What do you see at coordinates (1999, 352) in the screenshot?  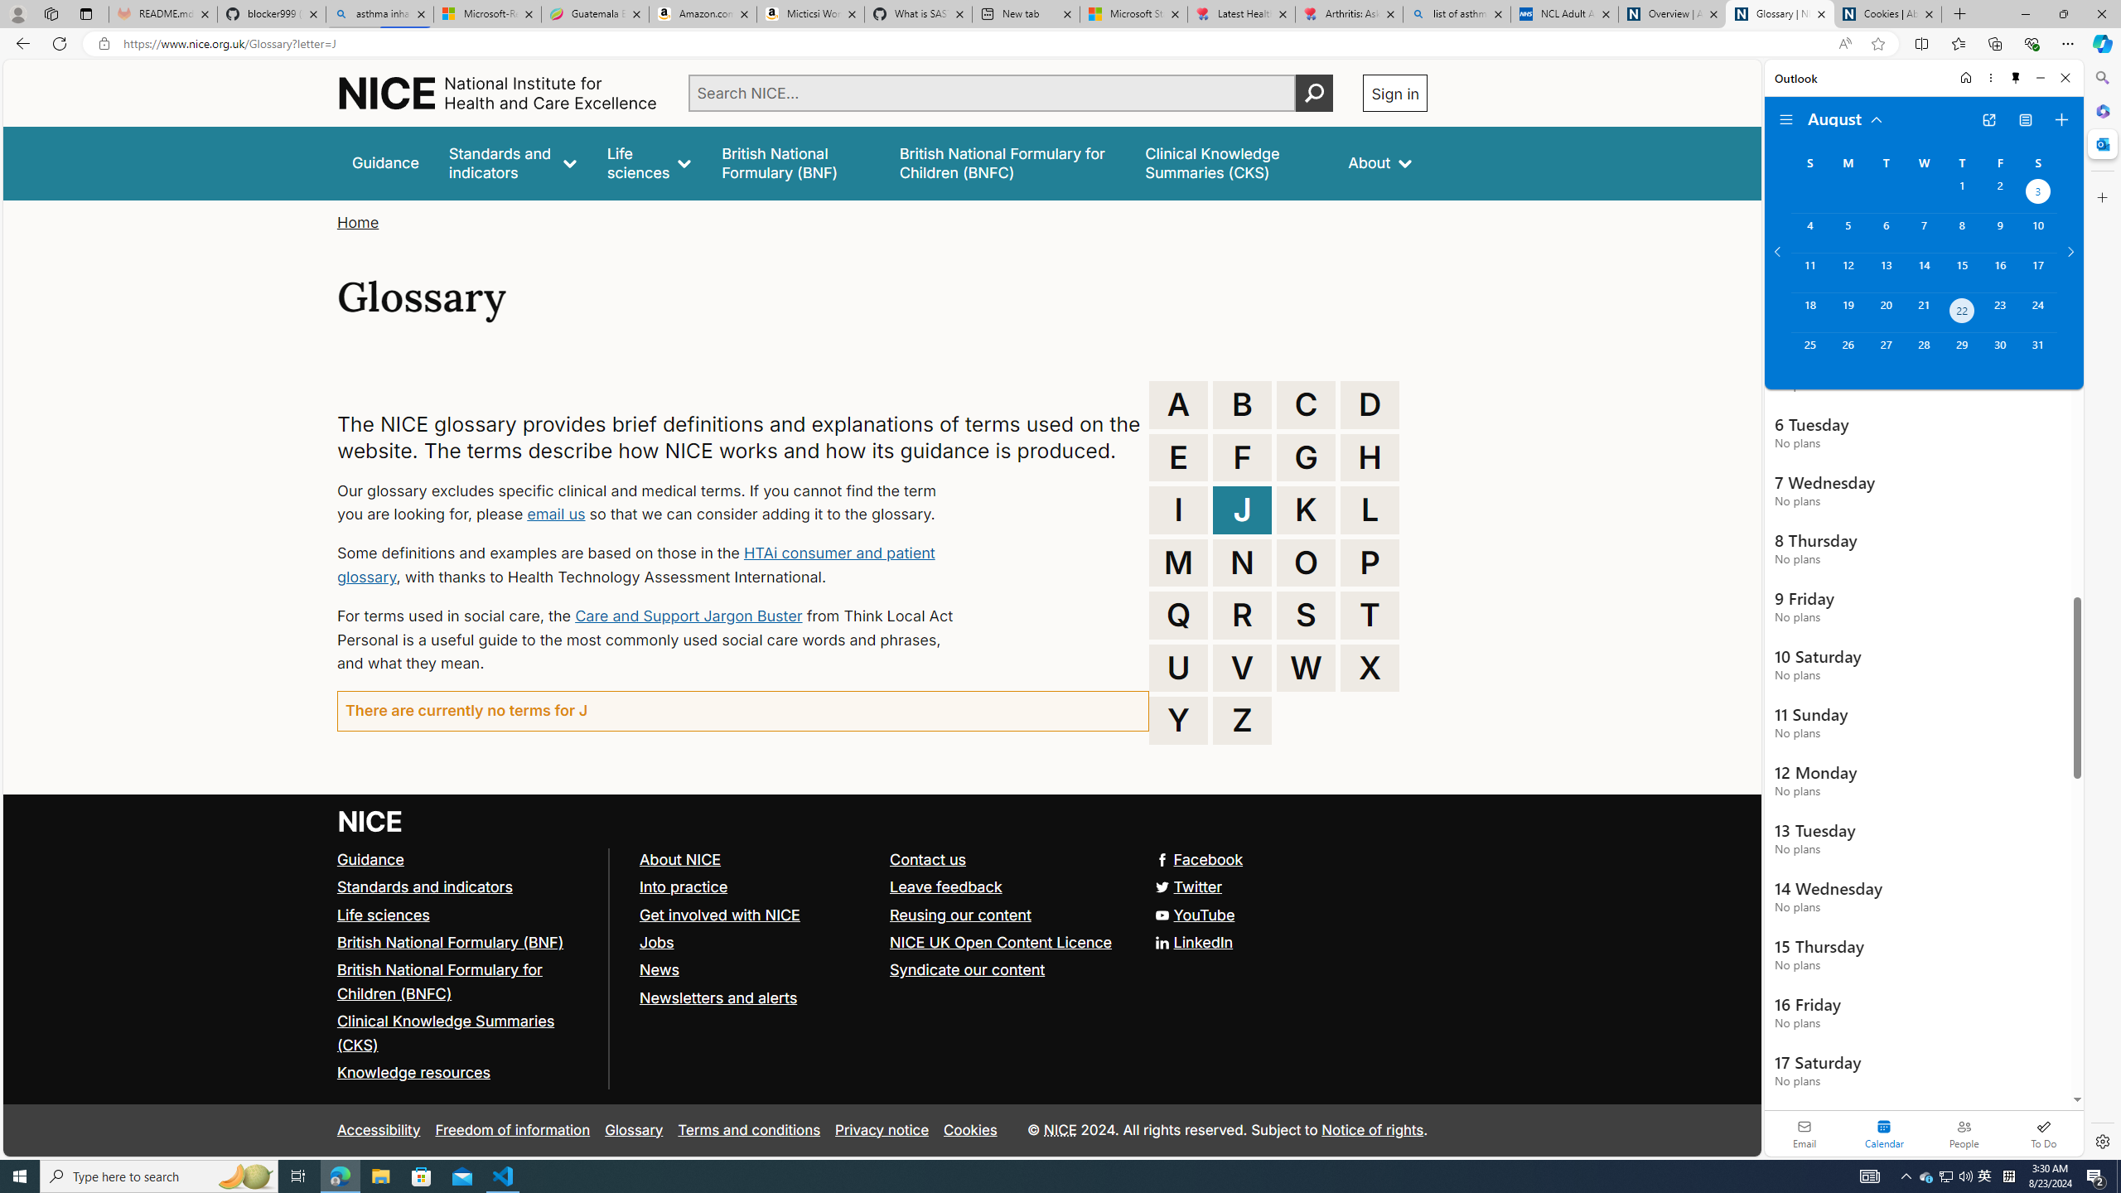 I see `'Friday, August 30, 2024. '` at bounding box center [1999, 352].